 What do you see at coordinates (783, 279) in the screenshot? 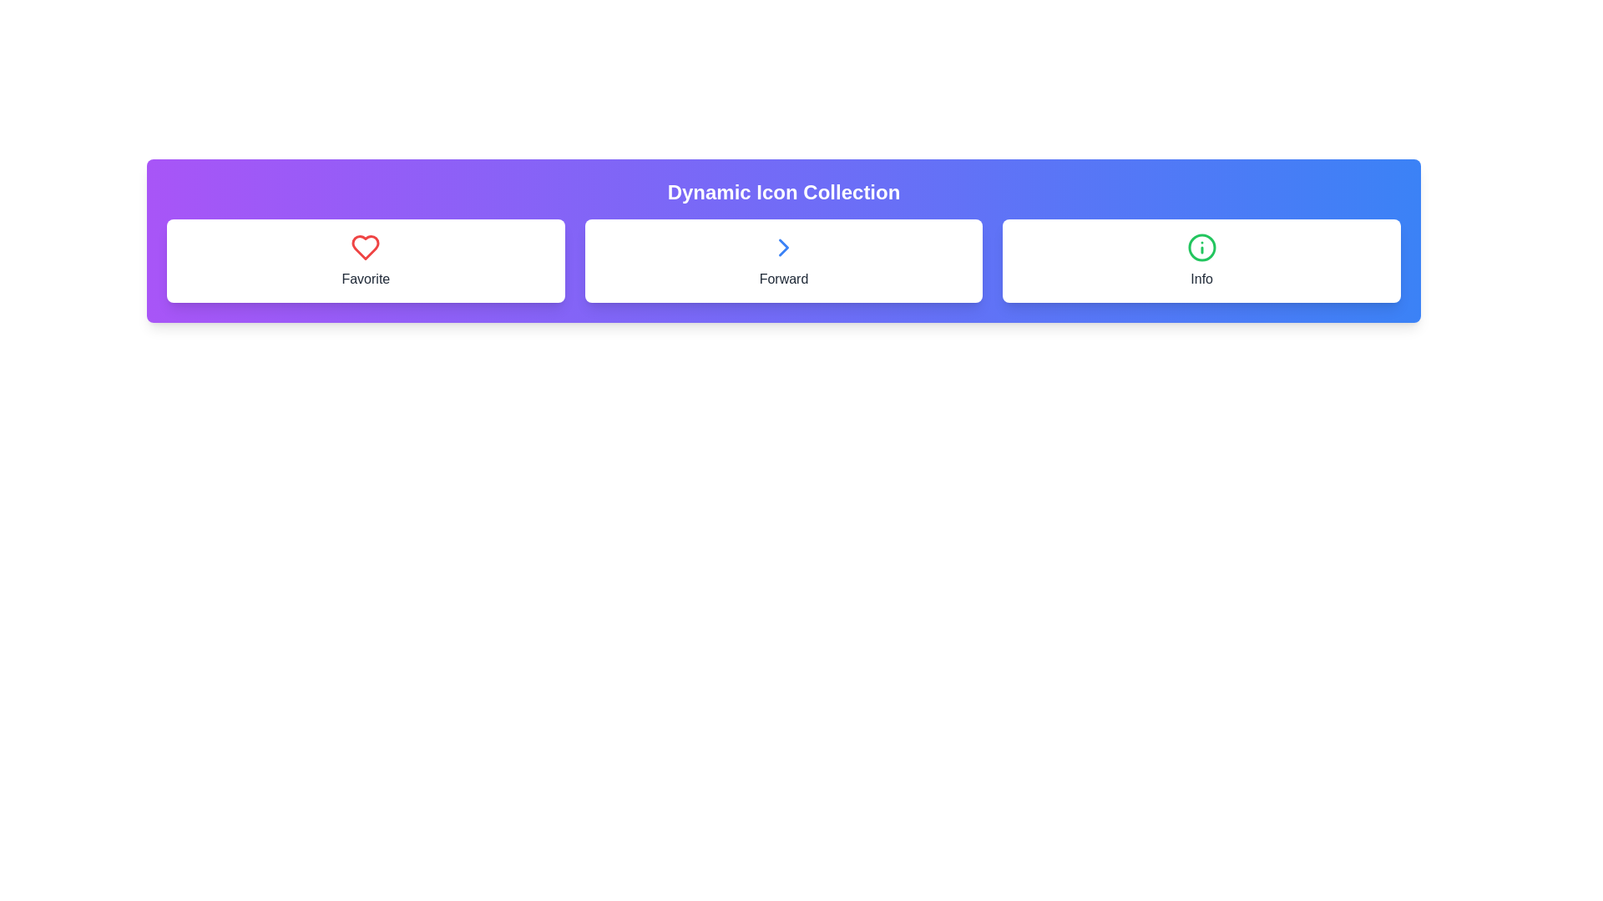
I see `the text label displaying the word 'Forward' in medium font weight and gray color, located below the chevron icon in the 'Forward' card` at bounding box center [783, 279].